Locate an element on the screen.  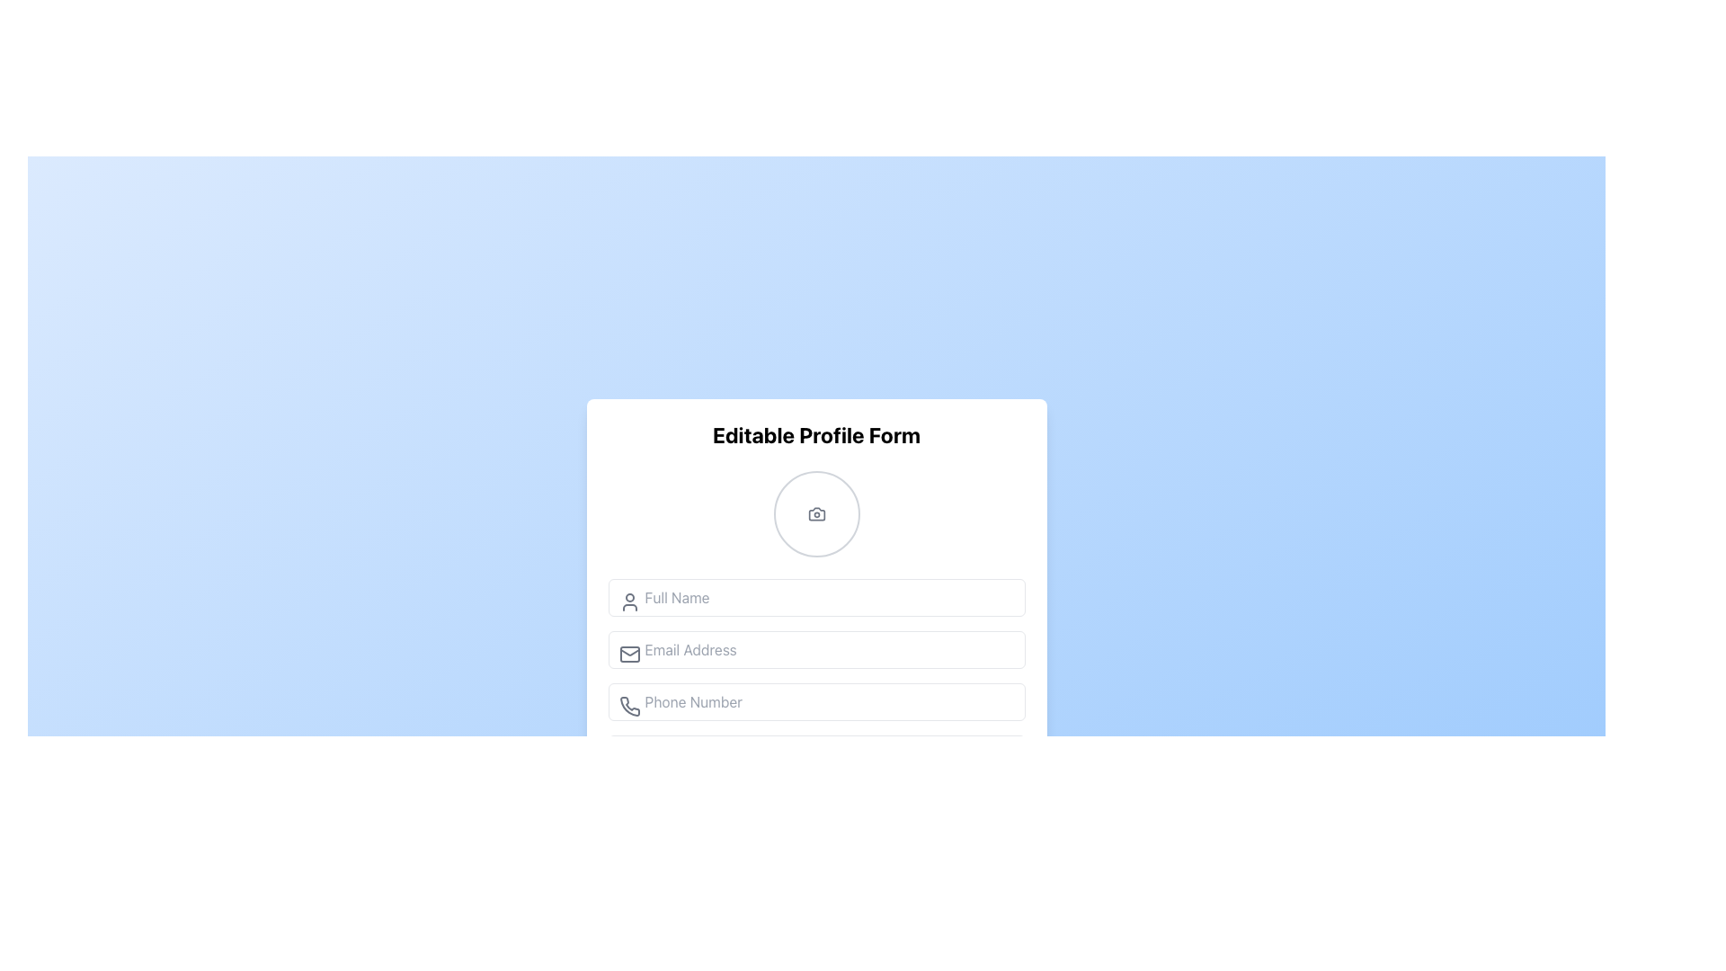
the static text label styled as a heading, which serves as the title for the form located at the top of a rounded white card against a blue gradient background is located at coordinates (815, 434).